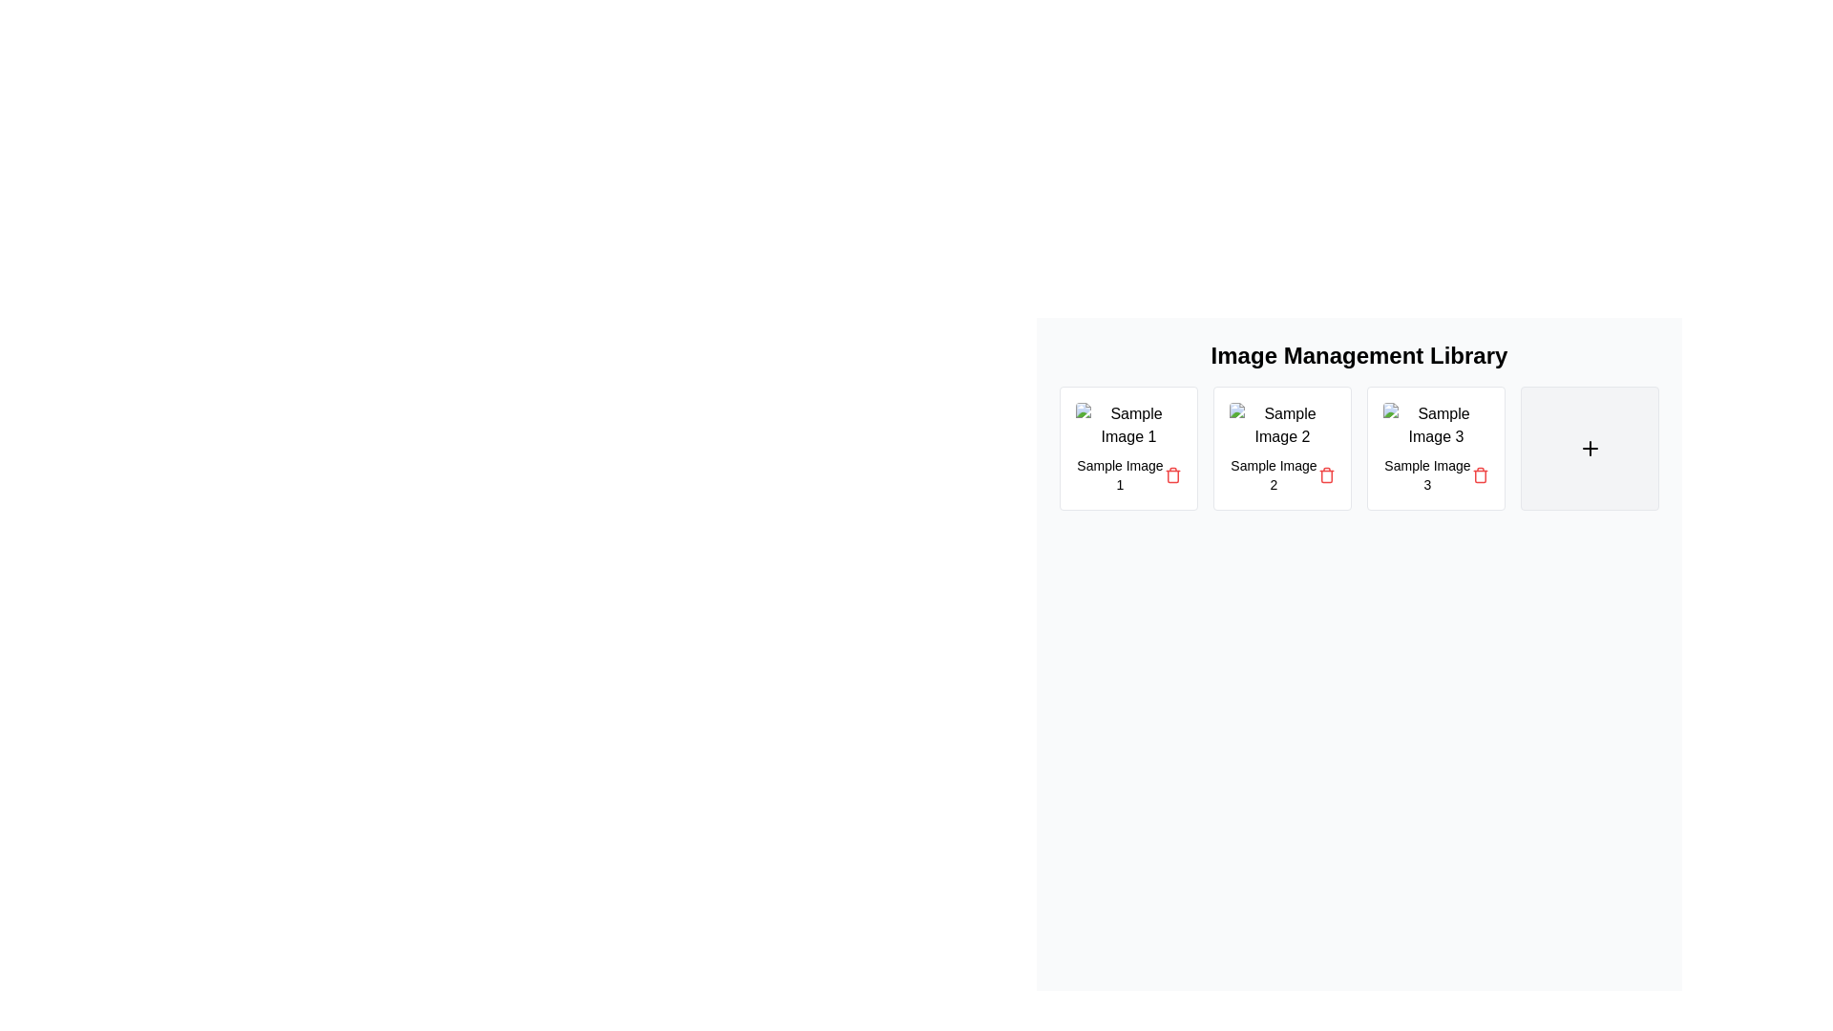 The image size is (1833, 1031). I want to click on the delete button located to the right of the item labeled 'Sample Image 3', so click(1479, 473).